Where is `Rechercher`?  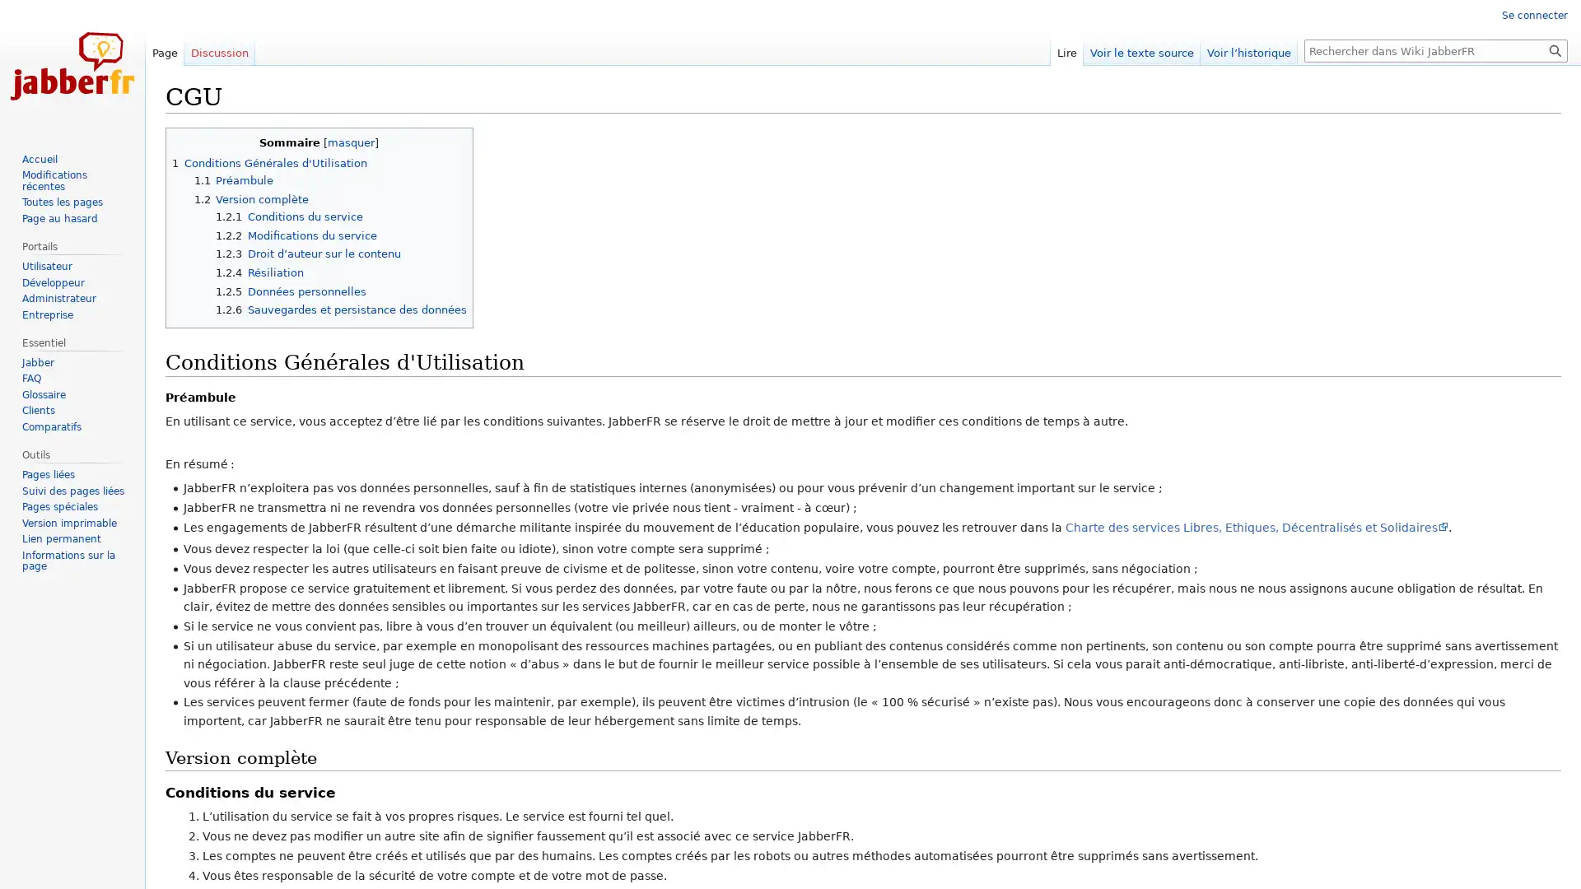 Rechercher is located at coordinates (1555, 49).